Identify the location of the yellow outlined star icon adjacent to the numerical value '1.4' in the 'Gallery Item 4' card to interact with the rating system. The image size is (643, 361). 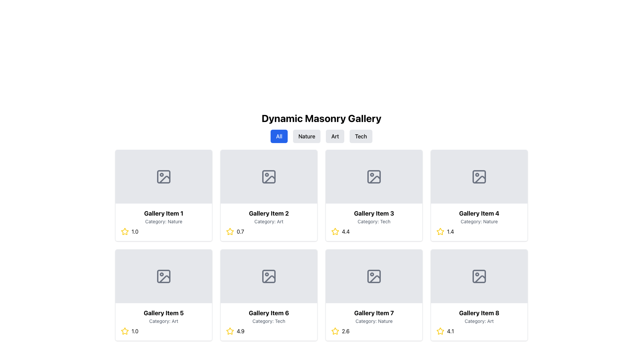
(440, 231).